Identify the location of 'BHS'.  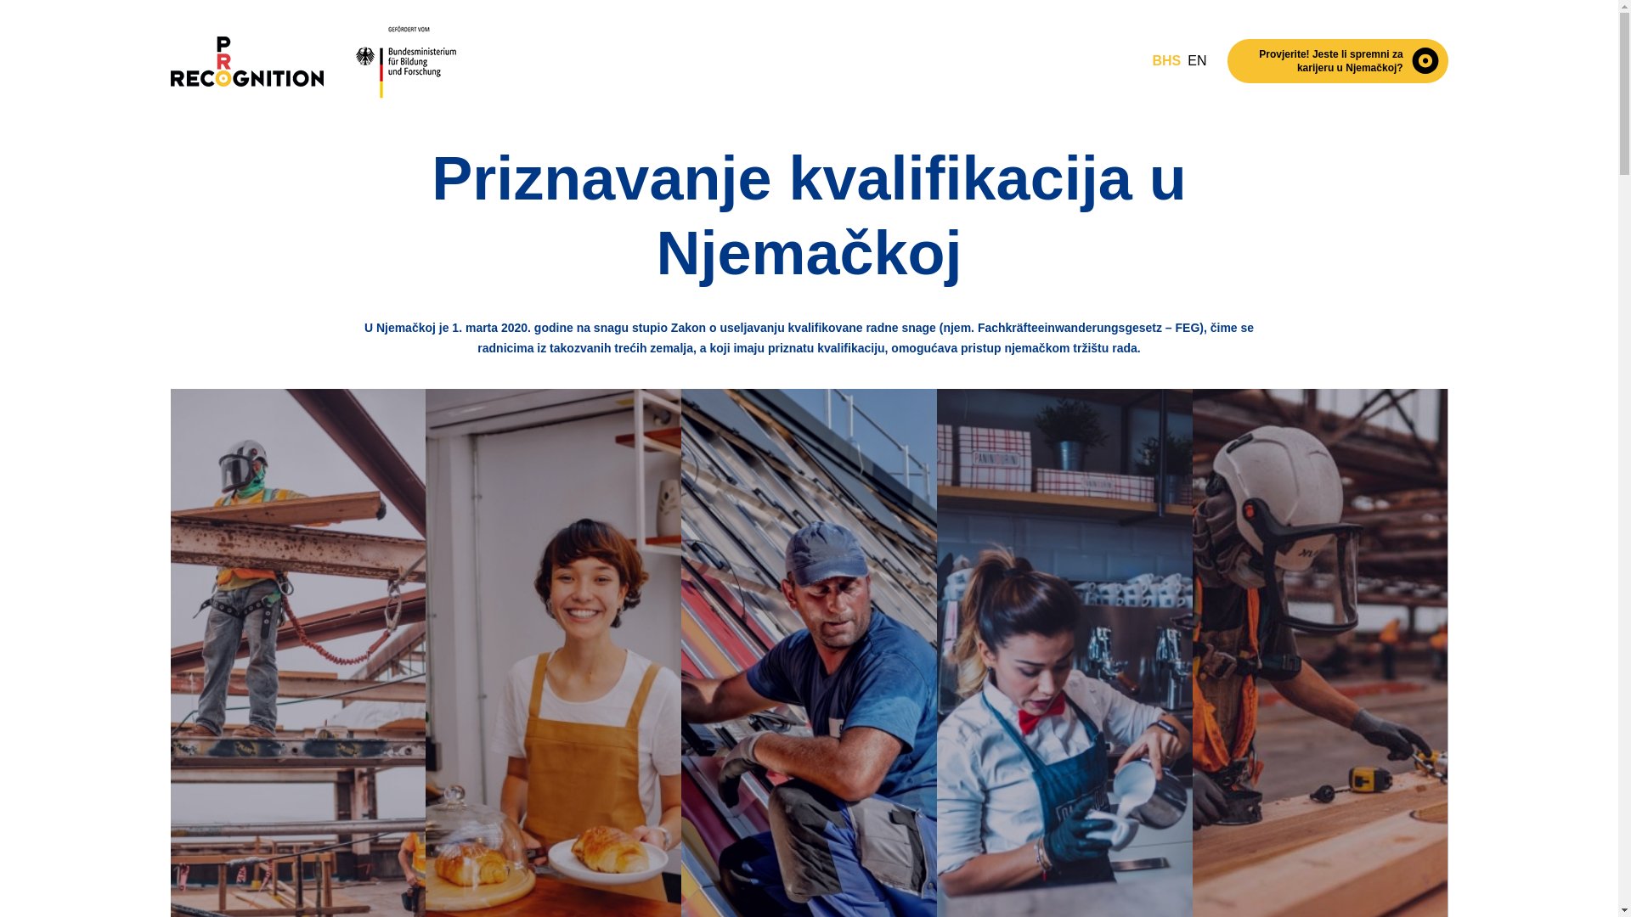
(1152, 60).